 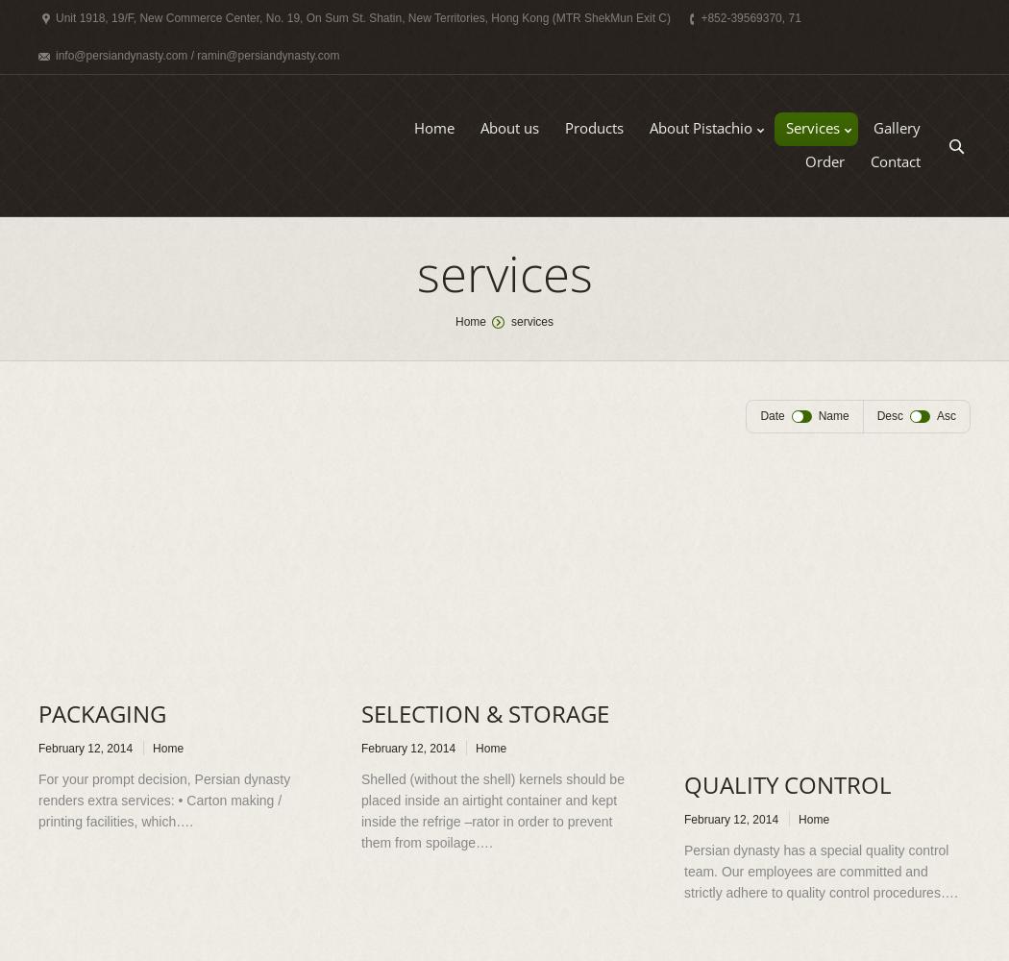 What do you see at coordinates (946, 416) in the screenshot?
I see `'Asc'` at bounding box center [946, 416].